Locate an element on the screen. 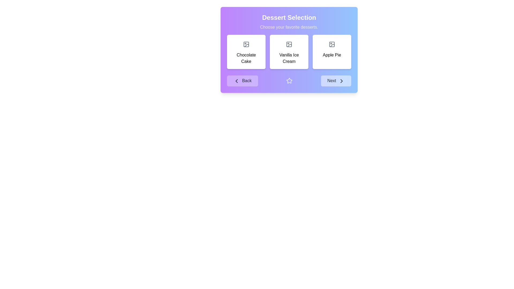  the 'Apple Pie' label which is styled with center alignment and medium font, located within a white card-like component beneath a dessert icon is located at coordinates (331, 55).